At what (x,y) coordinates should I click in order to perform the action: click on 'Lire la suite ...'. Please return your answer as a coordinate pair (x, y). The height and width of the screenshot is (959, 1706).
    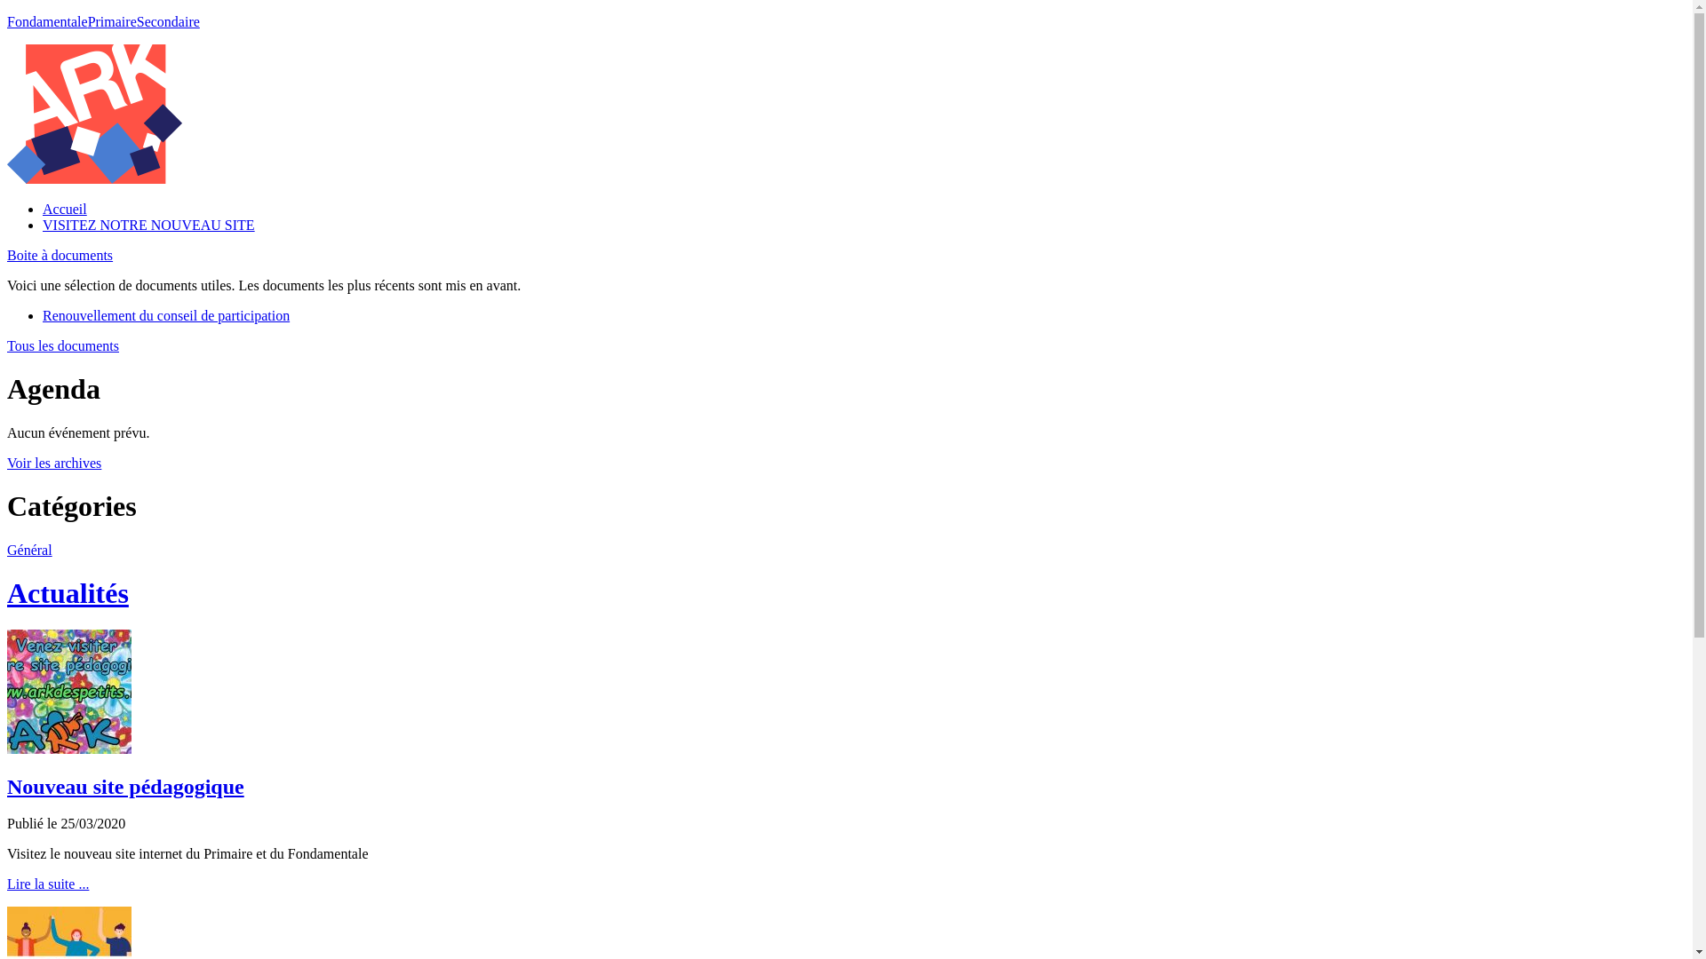
    Looking at the image, I should click on (47, 884).